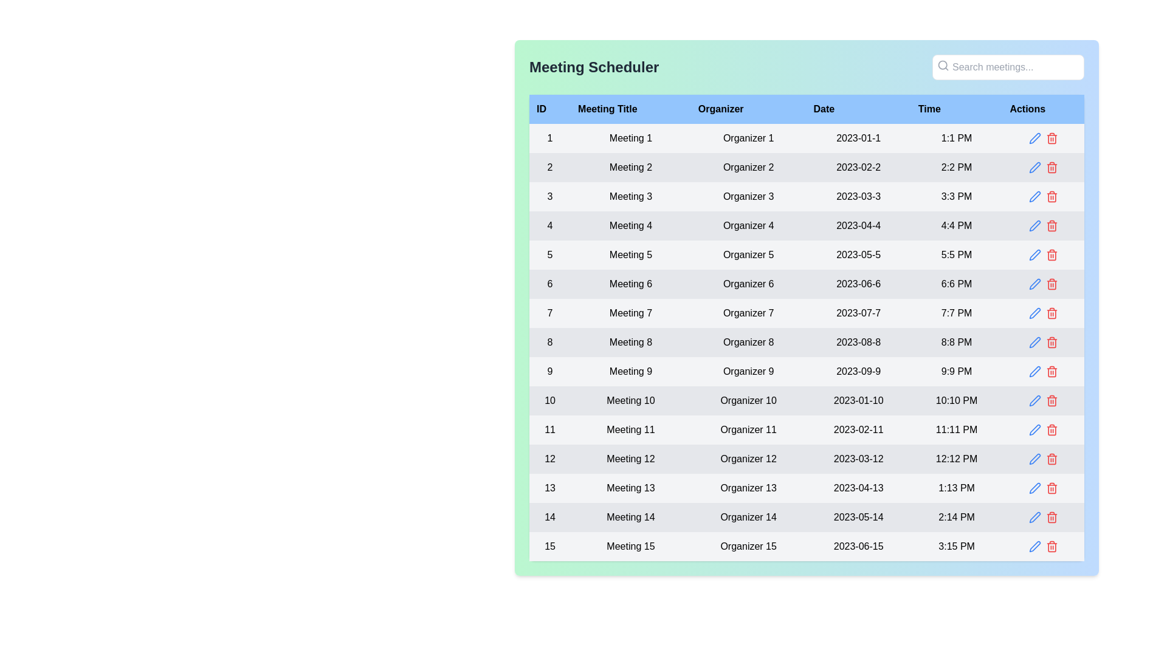 This screenshot has height=656, width=1167. Describe the element at coordinates (1051, 518) in the screenshot. I see `the red trash icon button located in the 'Actions' column of the table, specifically in the last row for 'Meeting 15'` at that location.